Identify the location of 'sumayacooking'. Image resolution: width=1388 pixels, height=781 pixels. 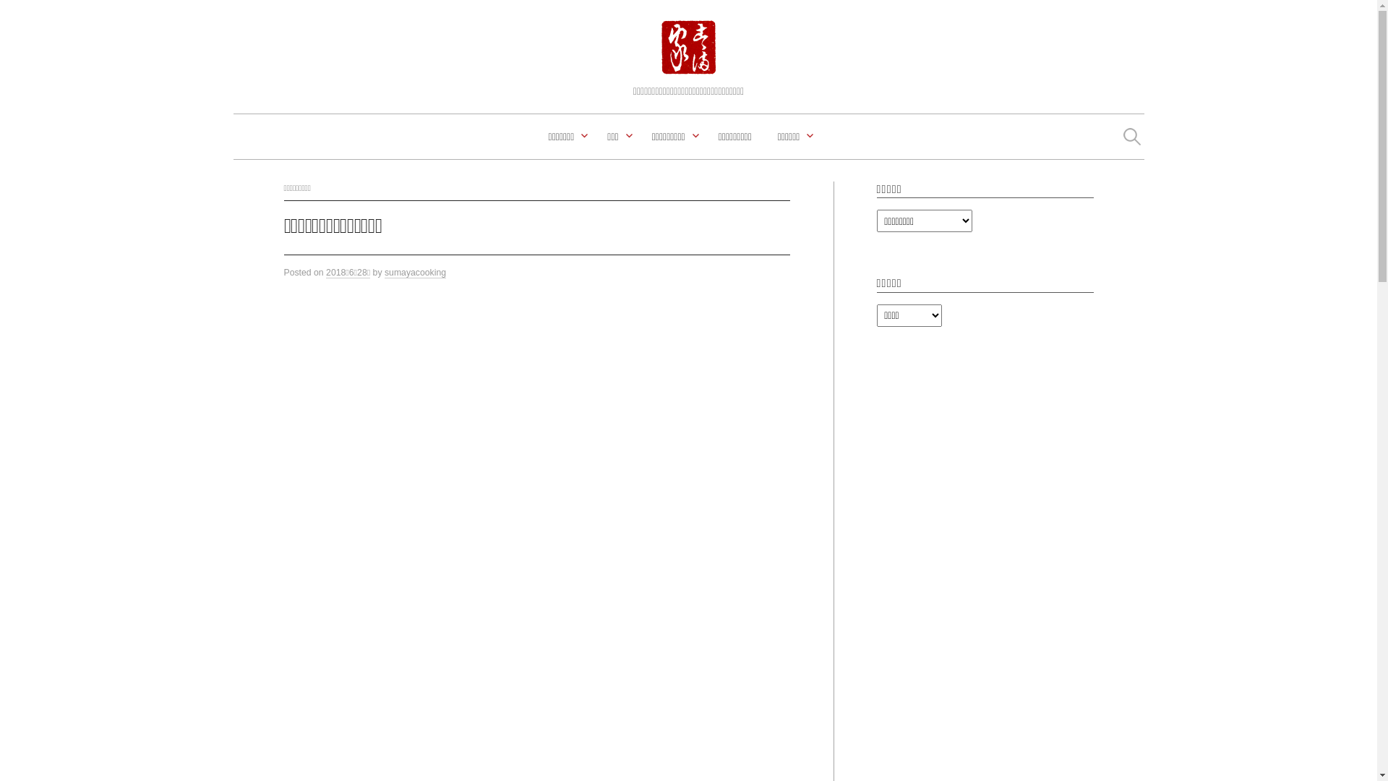
(414, 273).